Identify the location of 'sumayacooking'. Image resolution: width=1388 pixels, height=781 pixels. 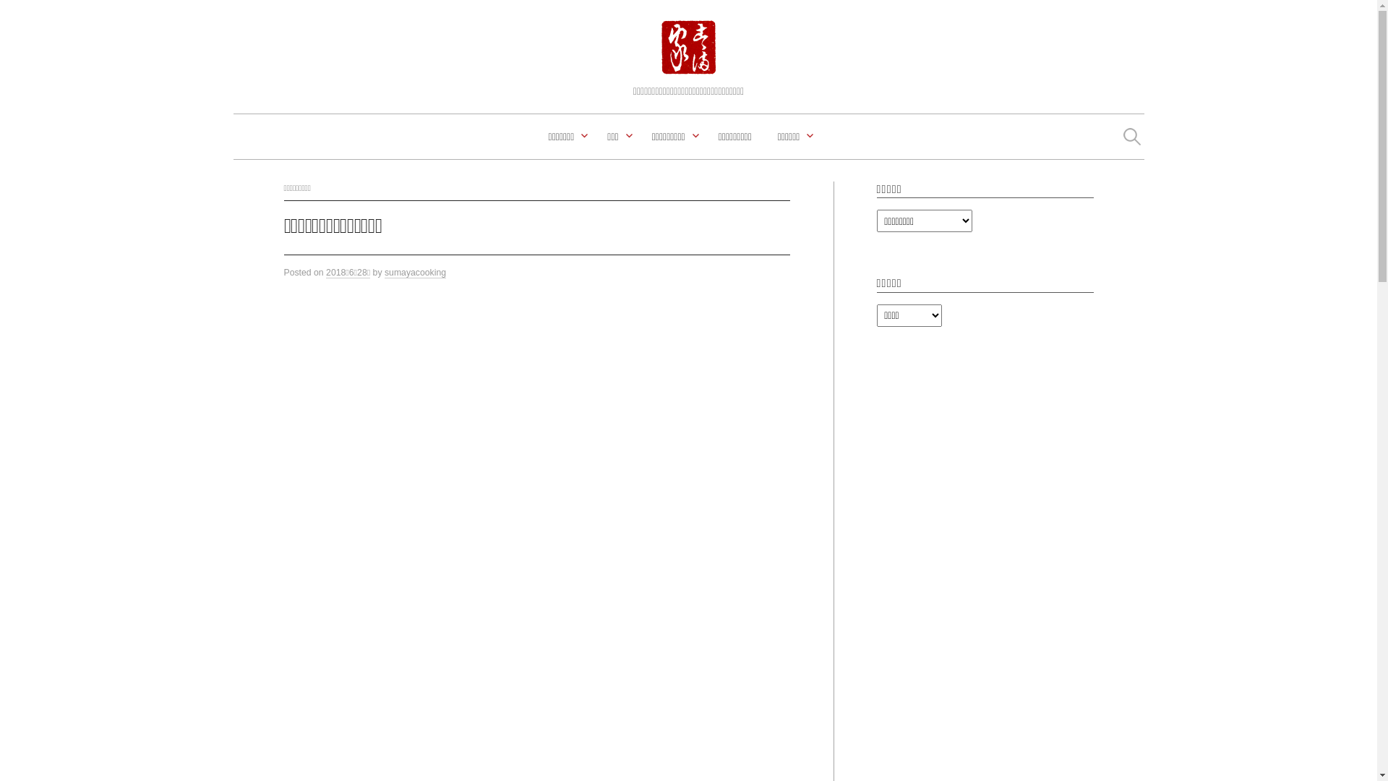
(414, 273).